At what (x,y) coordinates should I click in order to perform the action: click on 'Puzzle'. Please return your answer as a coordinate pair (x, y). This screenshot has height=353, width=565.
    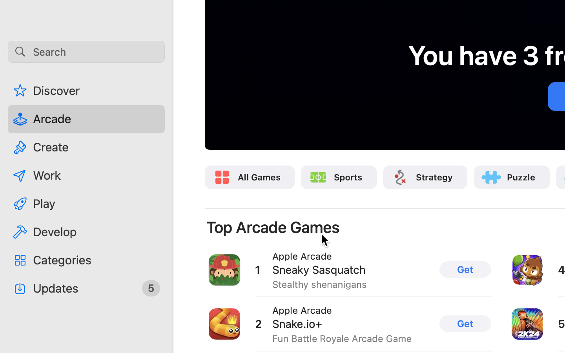
    Looking at the image, I should click on (521, 176).